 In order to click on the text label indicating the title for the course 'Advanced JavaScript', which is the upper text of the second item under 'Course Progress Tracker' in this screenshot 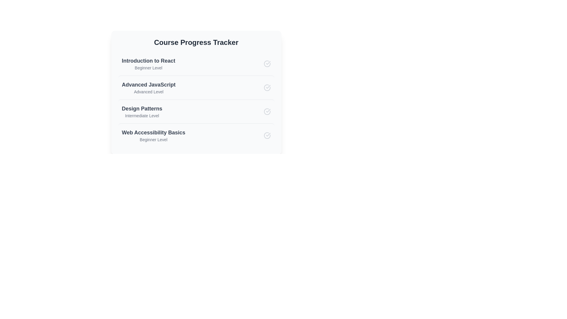, I will do `click(149, 84)`.